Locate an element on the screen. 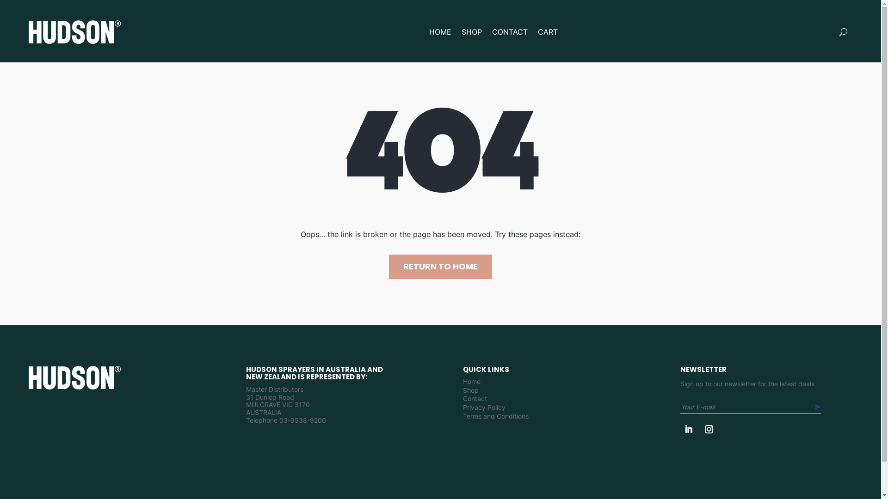 The width and height of the screenshot is (888, 499). 'SHOP' is located at coordinates (471, 31).